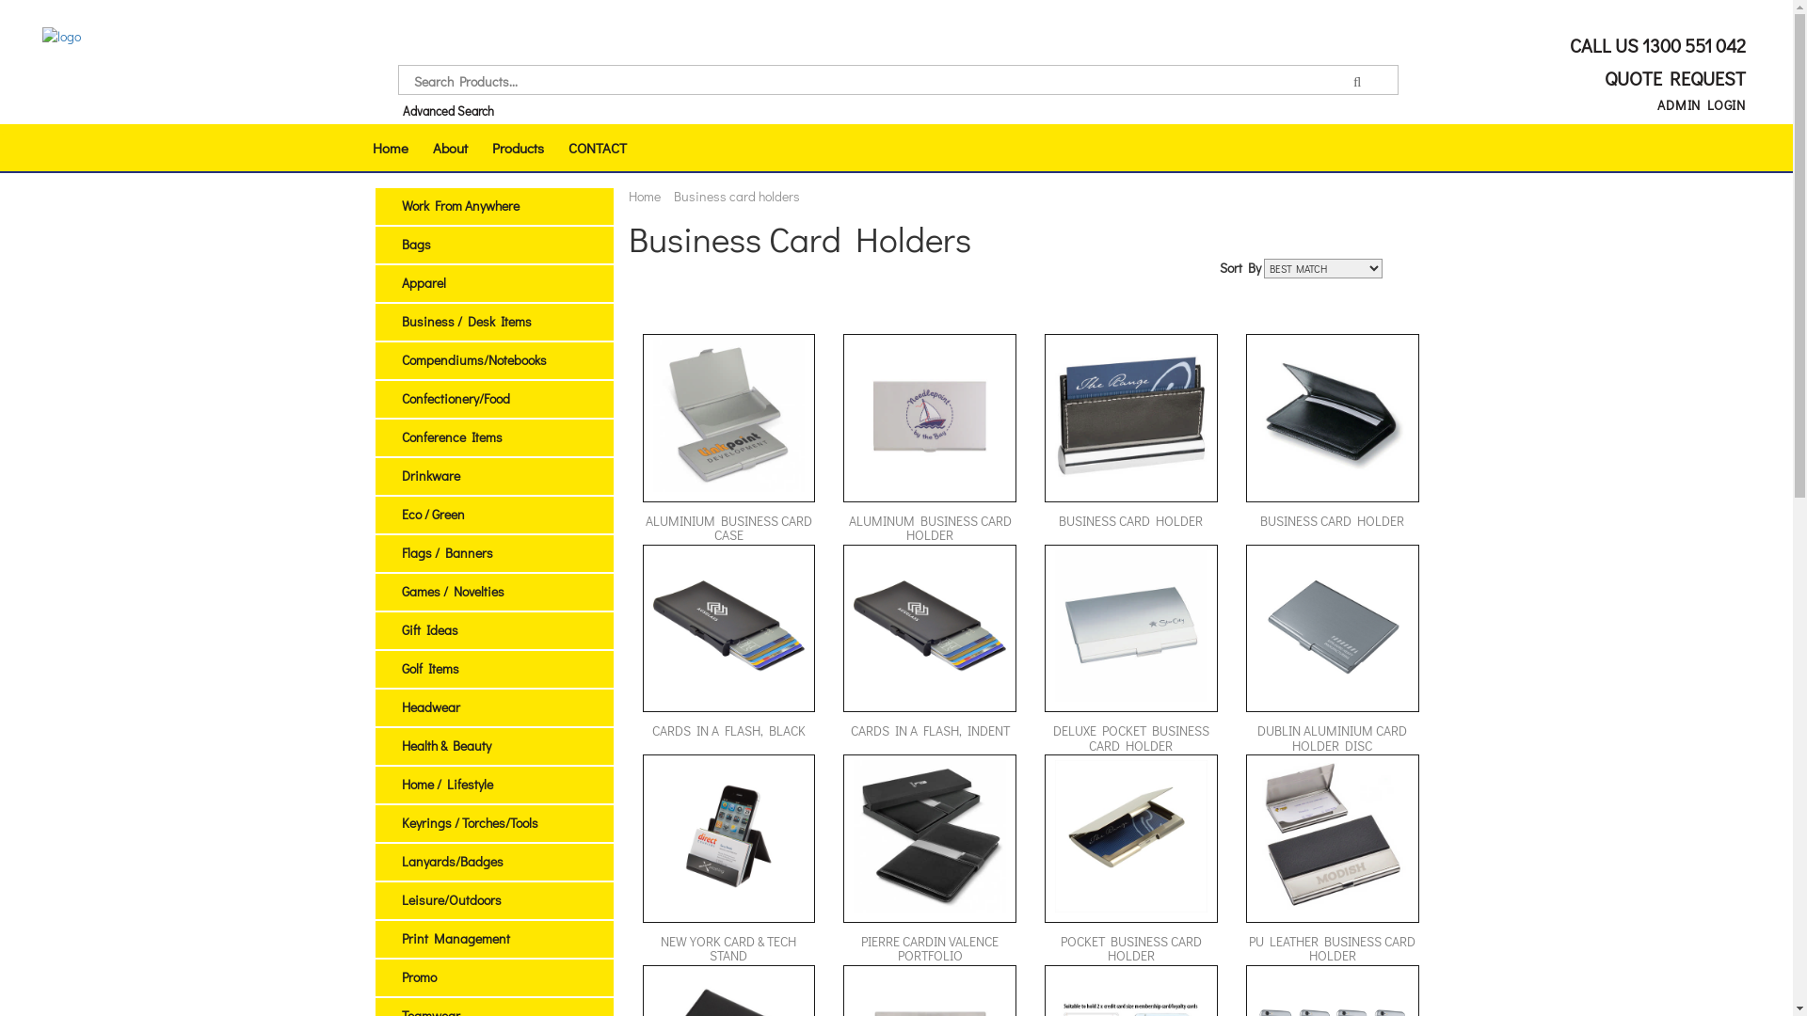  Describe the element at coordinates (400, 976) in the screenshot. I see `'Promo'` at that location.